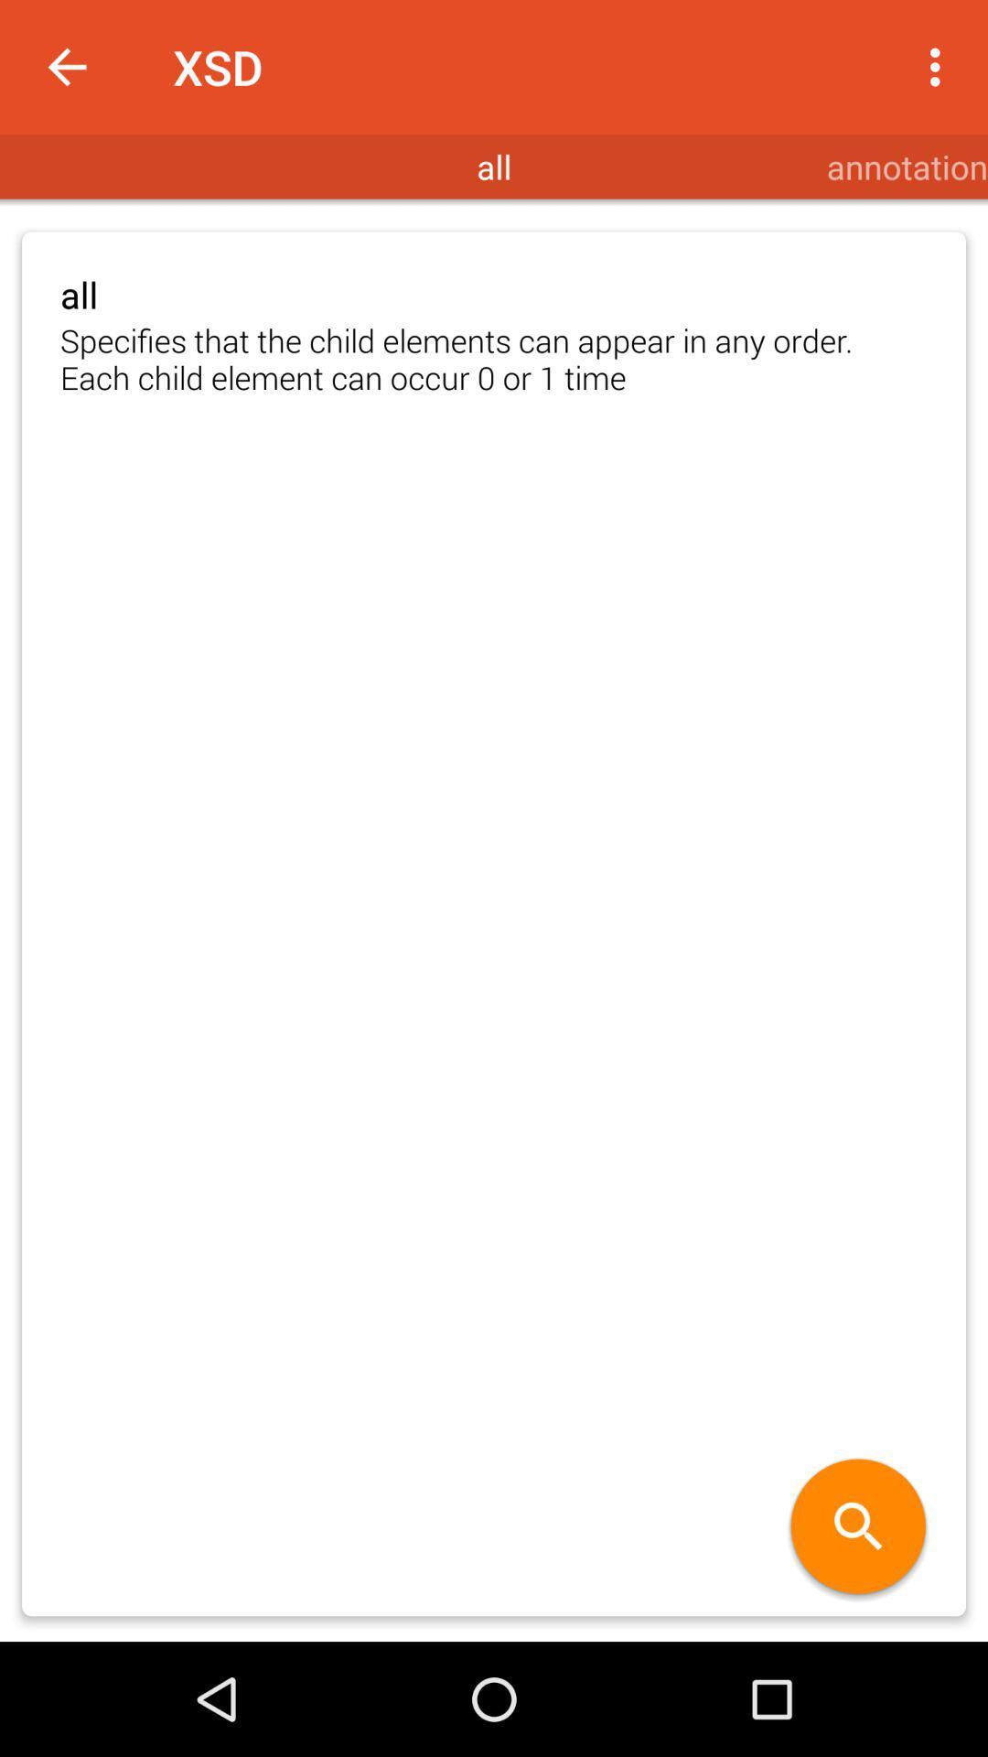 This screenshot has width=988, height=1757. Describe the element at coordinates (940, 67) in the screenshot. I see `app next to xsd` at that location.